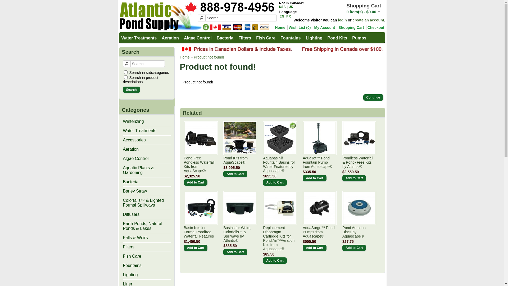  I want to click on 'Pond Kits', so click(337, 37).